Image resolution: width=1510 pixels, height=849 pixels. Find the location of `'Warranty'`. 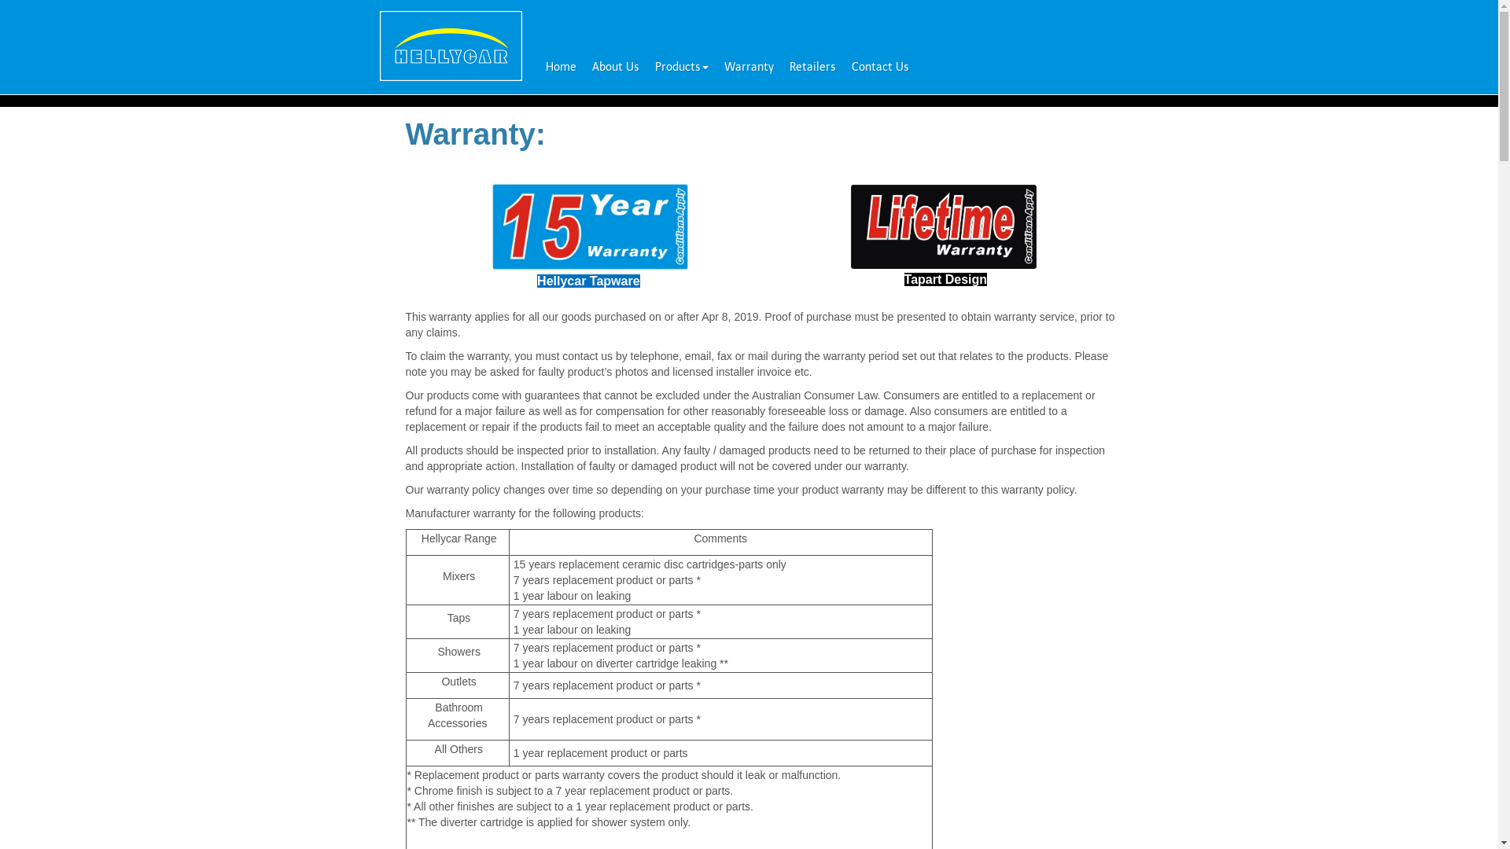

'Warranty' is located at coordinates (747, 65).